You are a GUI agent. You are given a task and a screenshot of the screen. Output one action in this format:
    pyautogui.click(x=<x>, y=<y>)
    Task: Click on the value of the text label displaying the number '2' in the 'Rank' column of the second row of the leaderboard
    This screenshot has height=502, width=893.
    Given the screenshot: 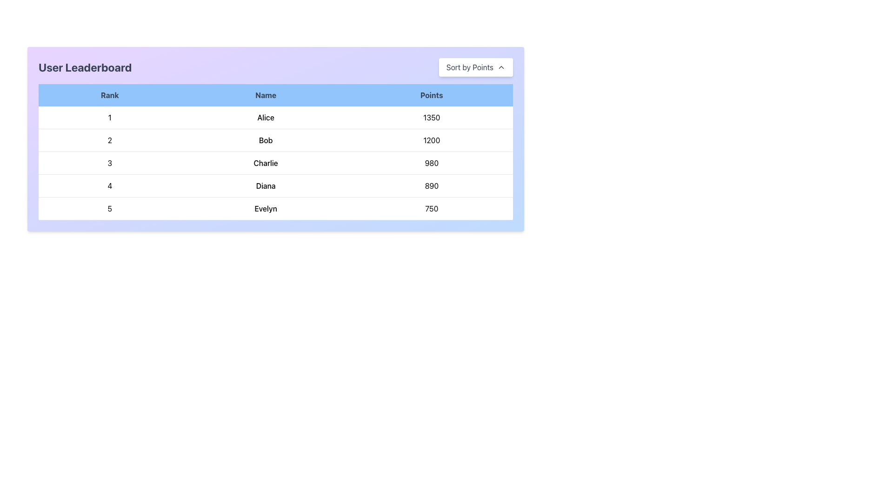 What is the action you would take?
    pyautogui.click(x=110, y=140)
    